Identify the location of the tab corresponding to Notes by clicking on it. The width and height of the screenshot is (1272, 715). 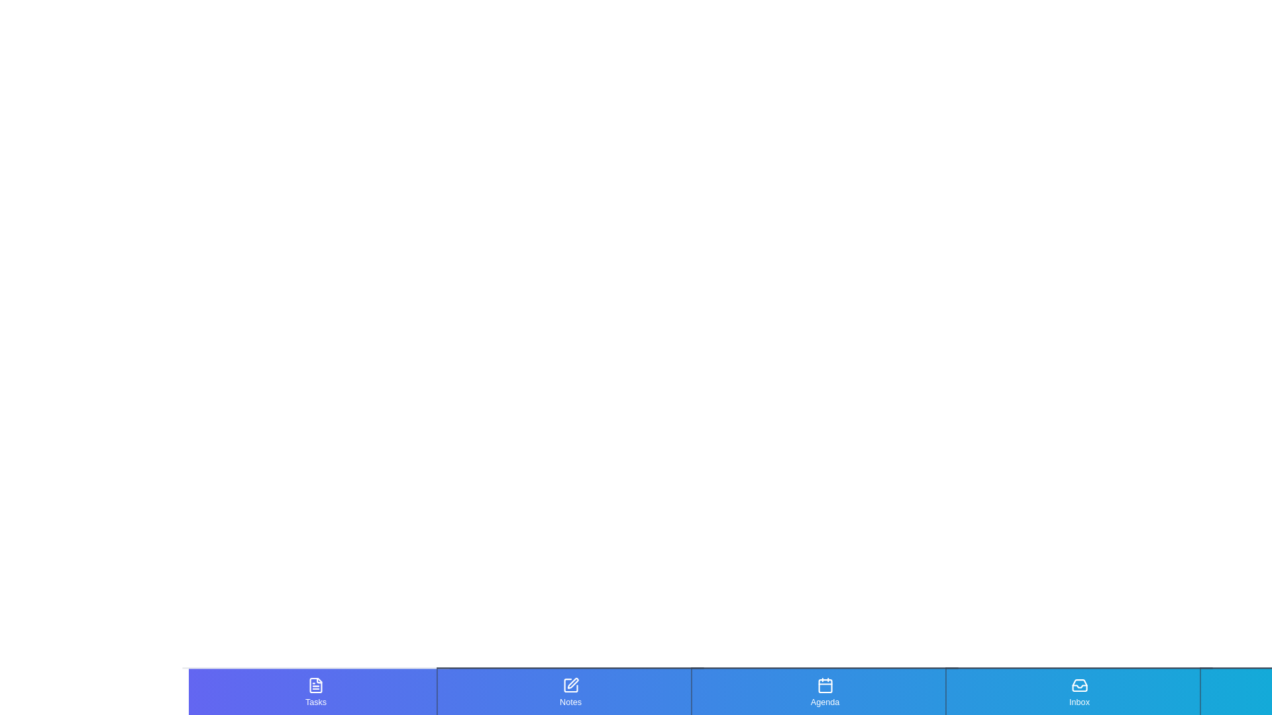
(570, 691).